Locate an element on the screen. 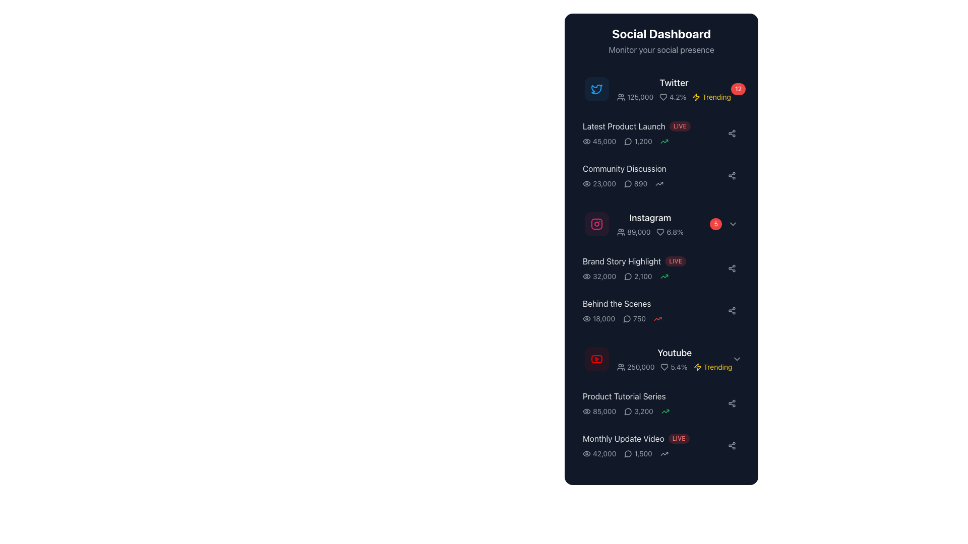 The image size is (968, 544). the favorite icon located to the right of the Instagram label in the Social Dashboard is located at coordinates (660, 232).